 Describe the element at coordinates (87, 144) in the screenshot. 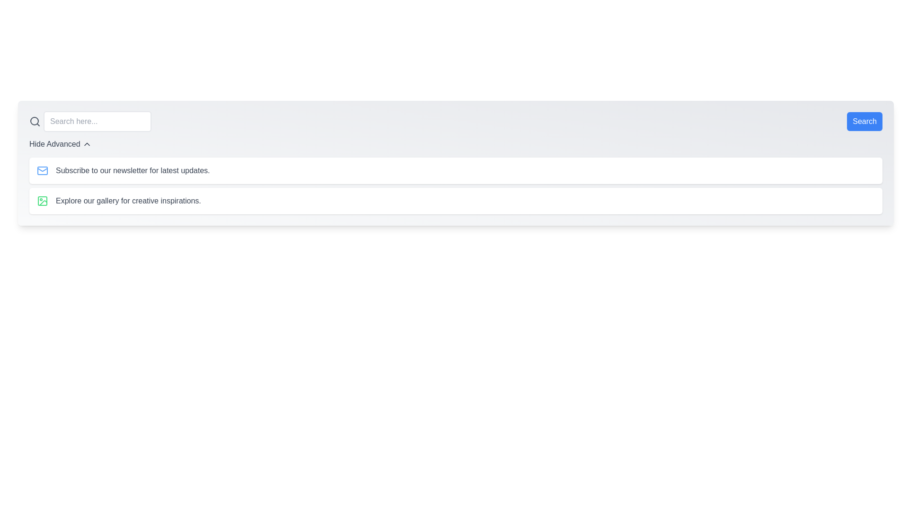

I see `the downward-pointing chevron-shaped icon next to the text 'Hide Advanced'` at that location.